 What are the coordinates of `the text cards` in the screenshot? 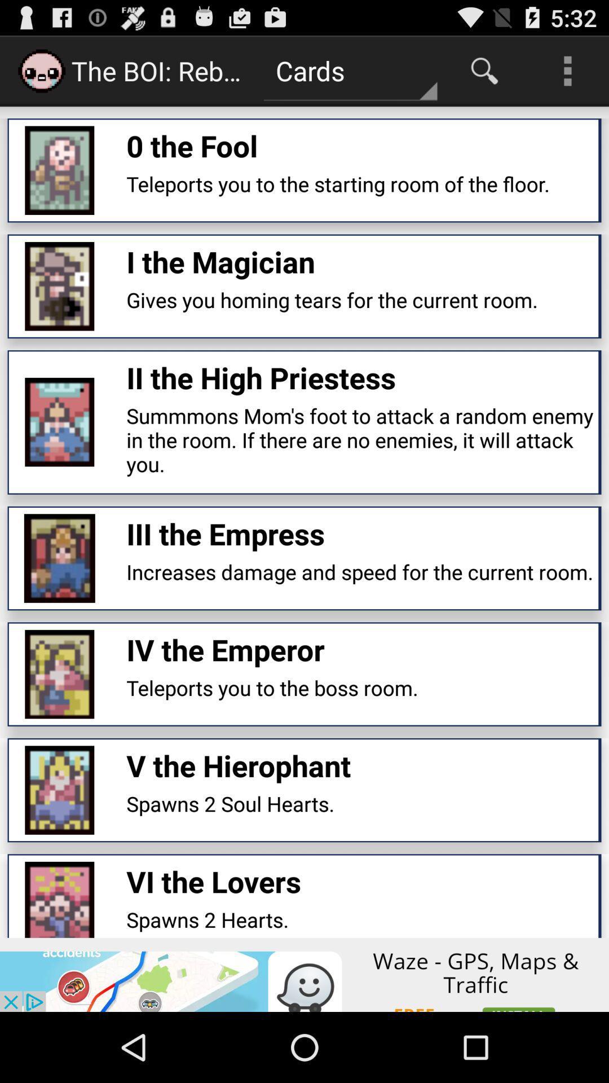 It's located at (350, 70).